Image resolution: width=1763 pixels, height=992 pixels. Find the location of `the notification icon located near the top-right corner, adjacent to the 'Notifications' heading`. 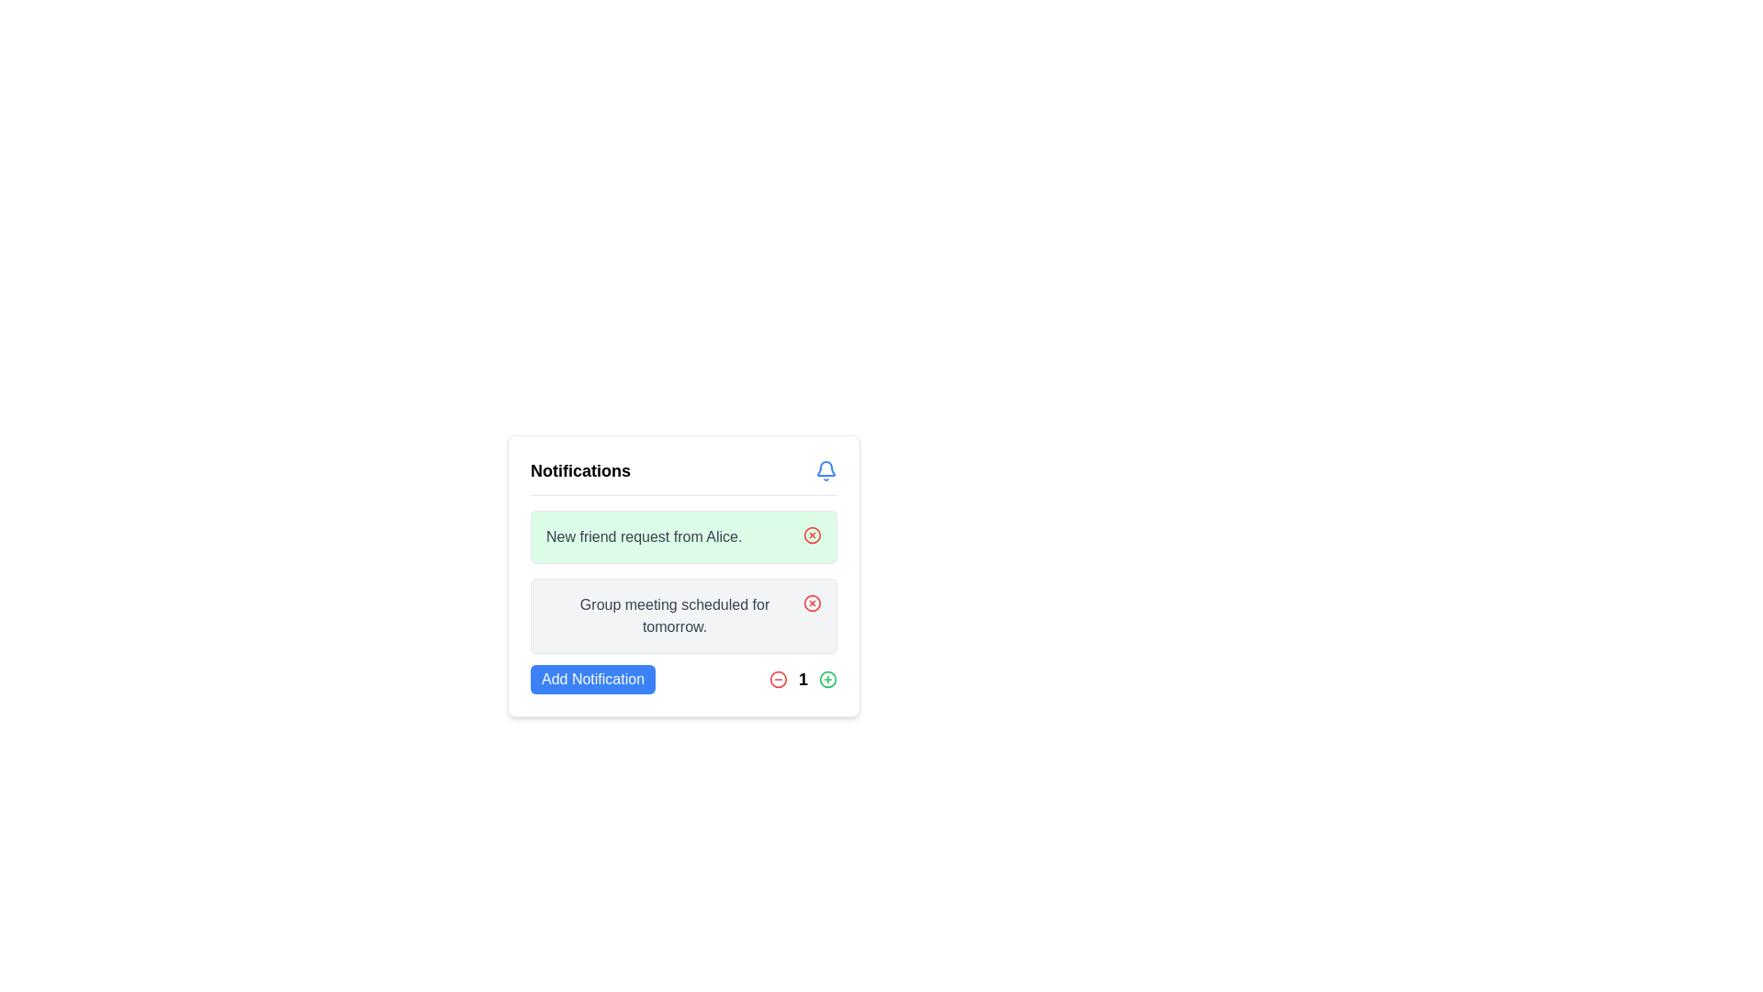

the notification icon located near the top-right corner, adjacent to the 'Notifications' heading is located at coordinates (825, 470).